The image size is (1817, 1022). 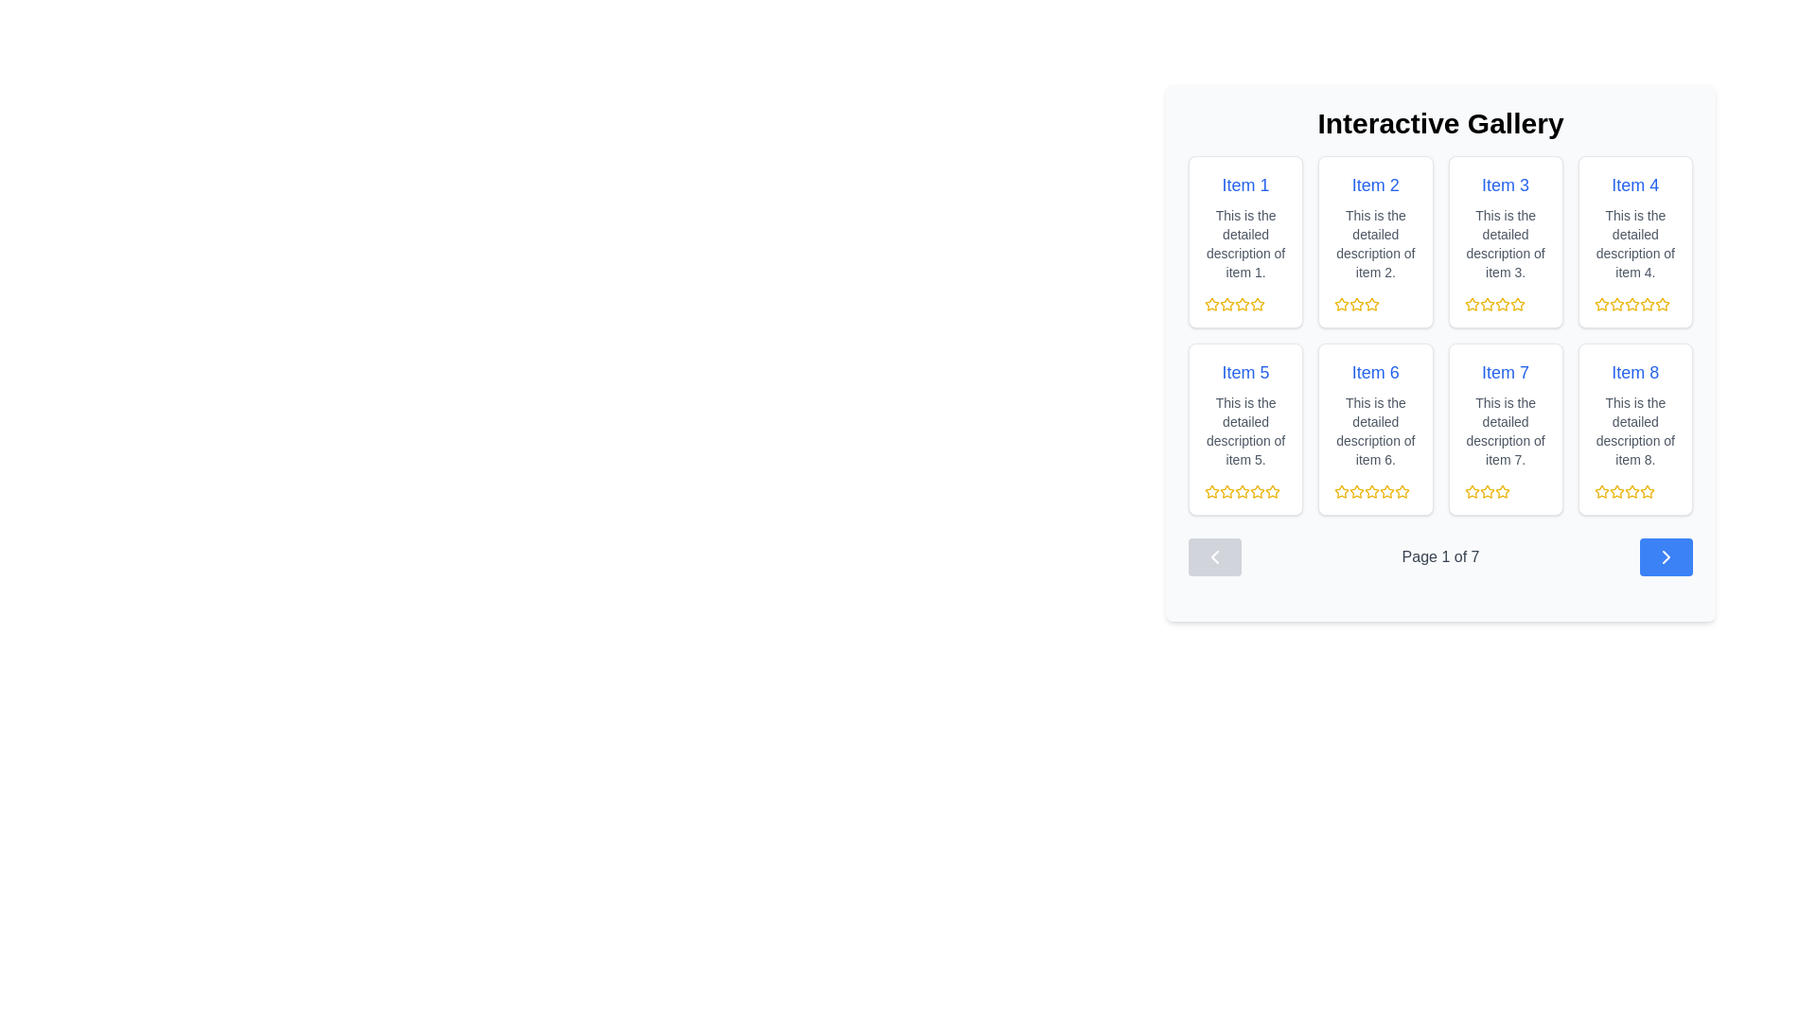 I want to click on the description of the item displayed on the card located in the bottom-right corner of the grid layout, which is the 8th item overall, so click(x=1634, y=430).